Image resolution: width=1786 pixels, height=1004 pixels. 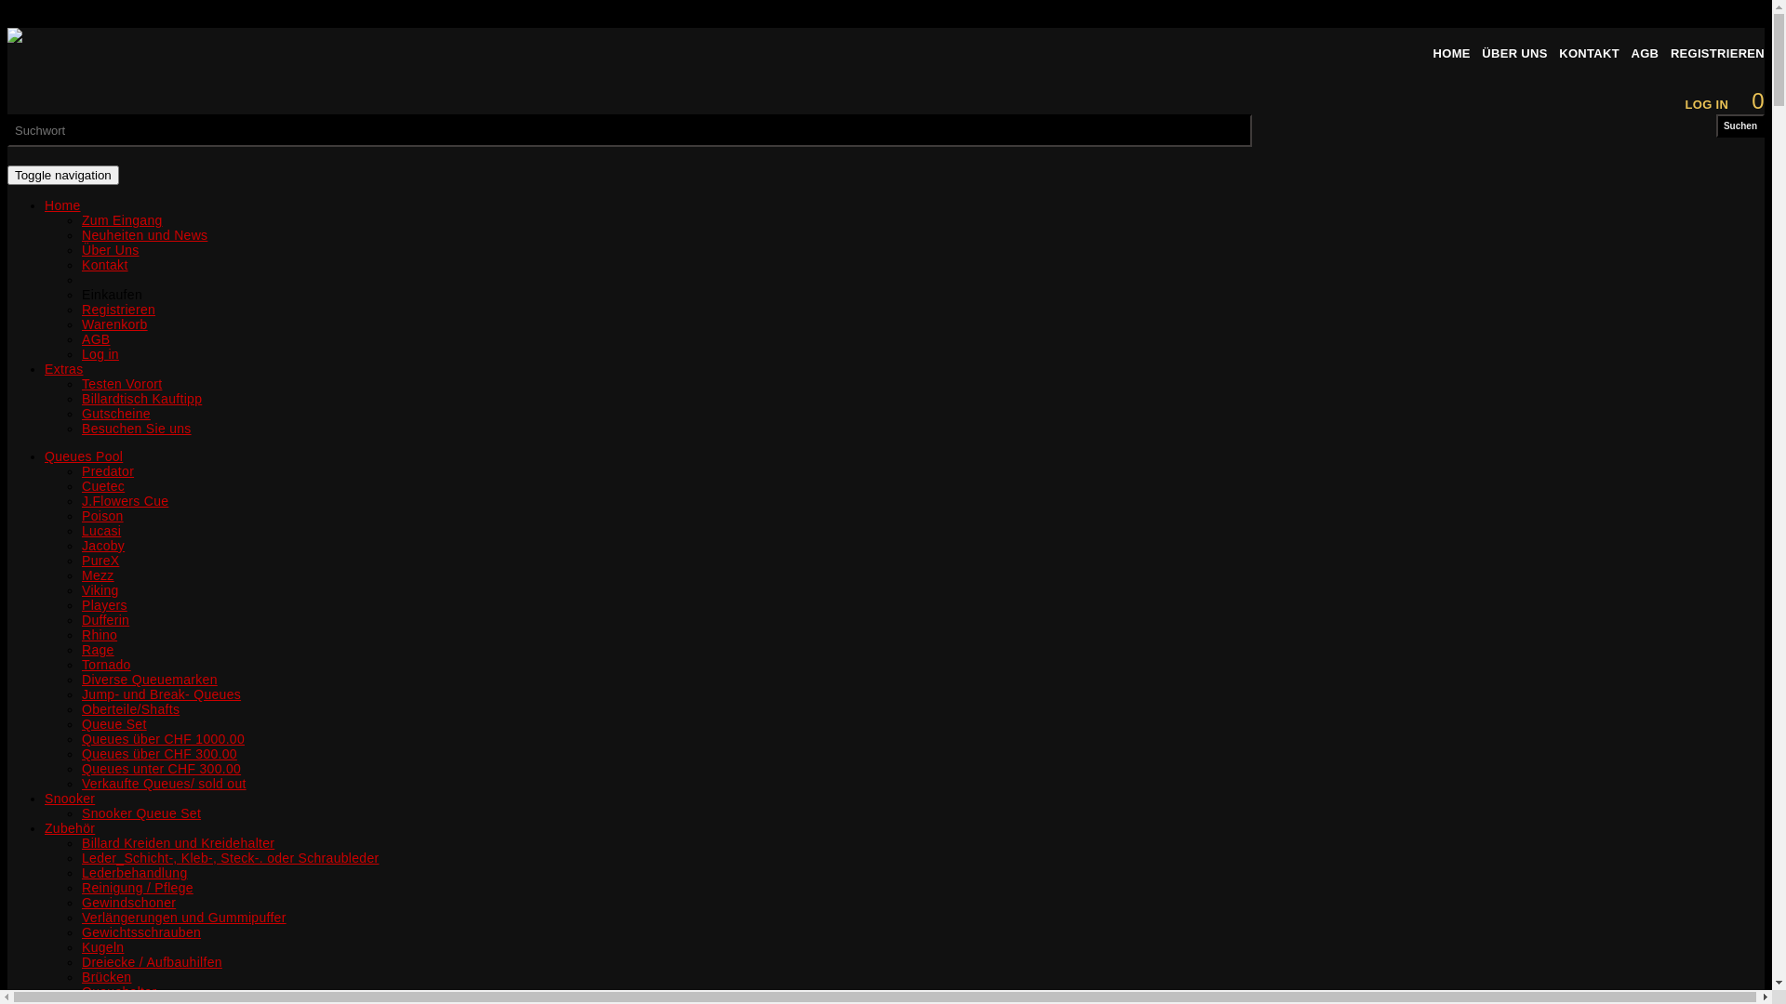 I want to click on 'AGB', so click(x=1646, y=52).